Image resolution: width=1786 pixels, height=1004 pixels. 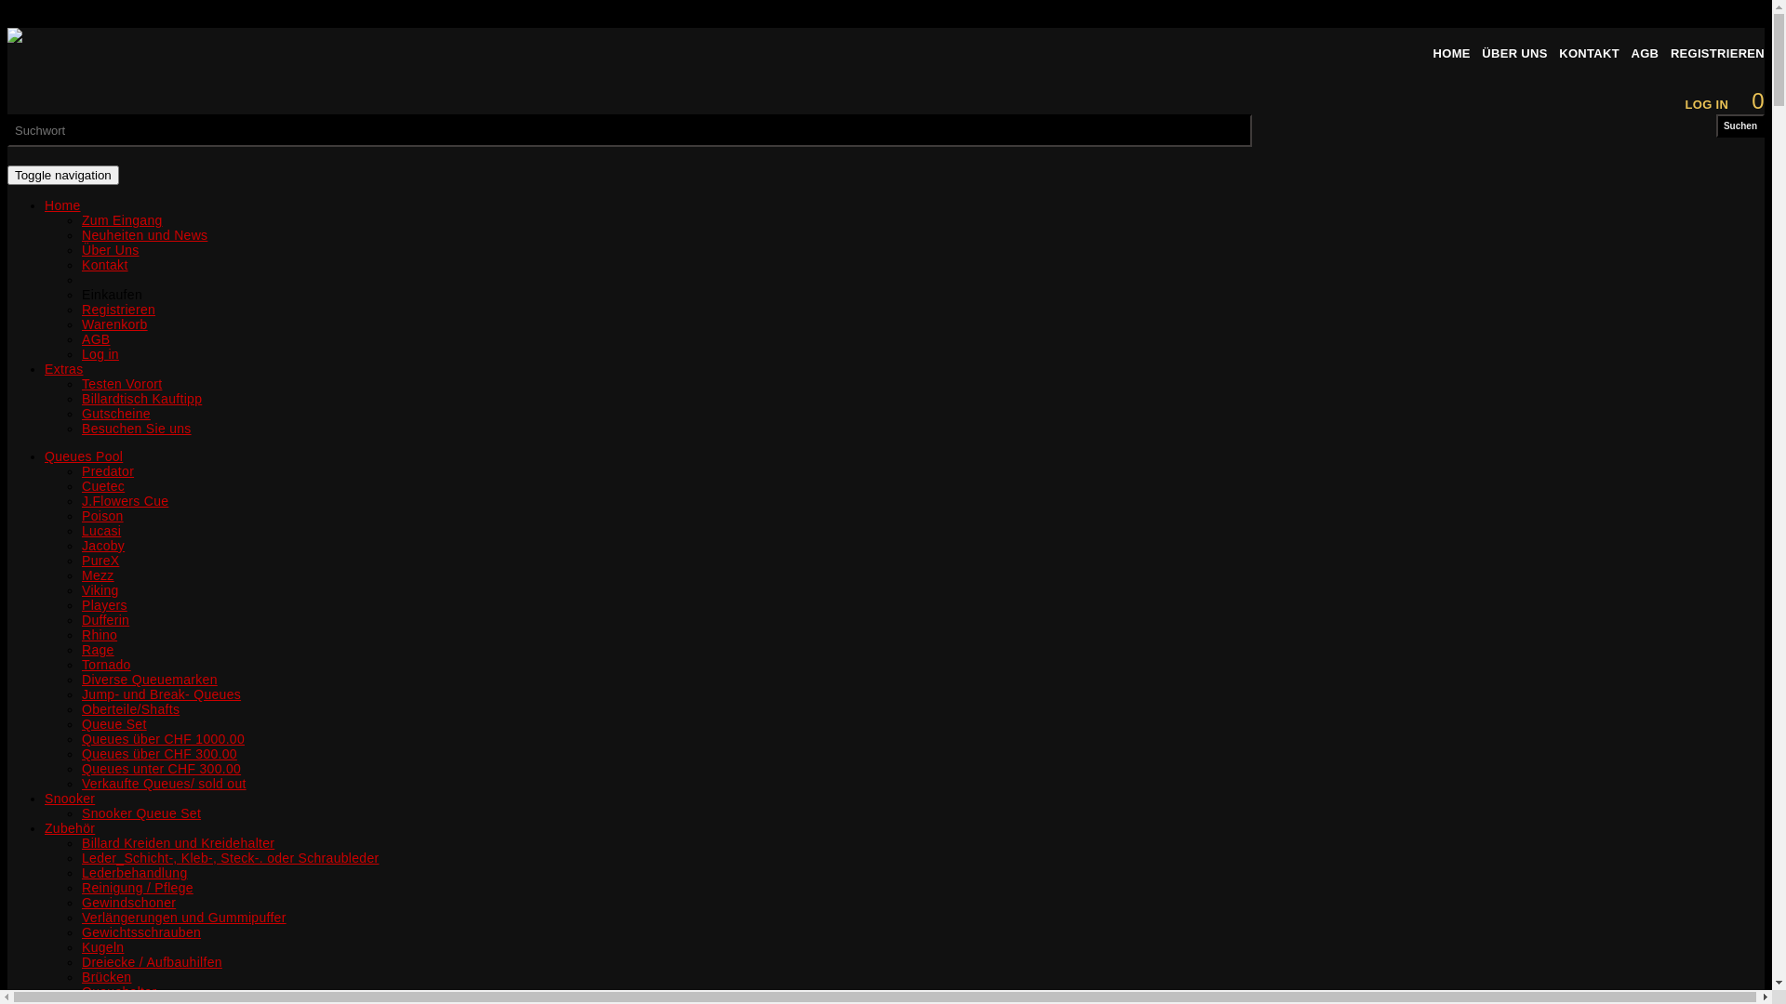 I want to click on 'AGB', so click(x=1646, y=52).